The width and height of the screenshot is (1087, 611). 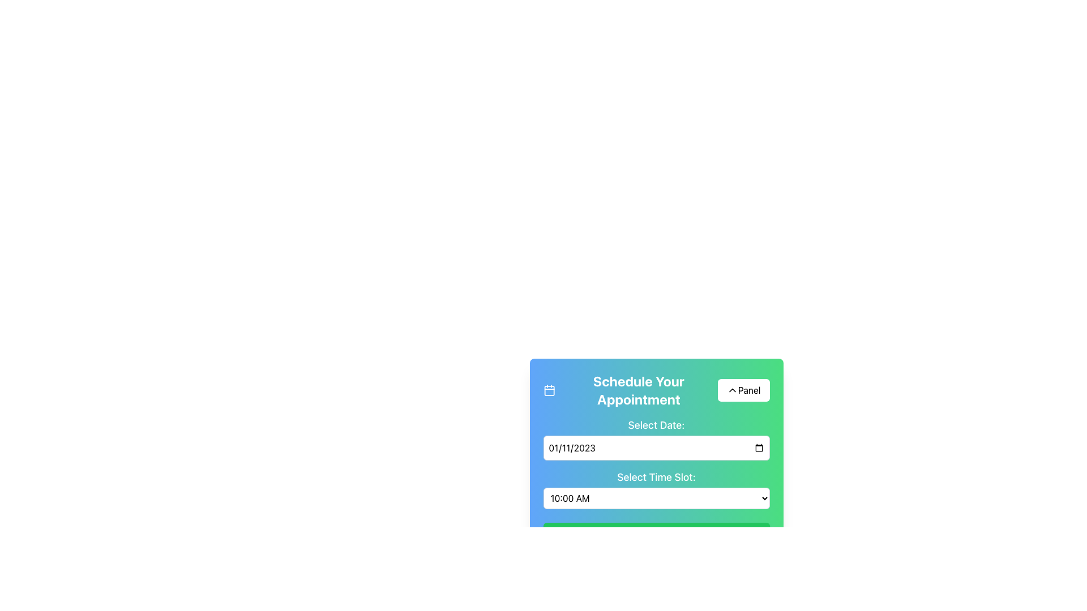 What do you see at coordinates (743, 390) in the screenshot?
I see `the rectangular button with a white background and black text reading 'Panel', located at the top-right corner of the 'Schedule Your Appointment' section` at bounding box center [743, 390].